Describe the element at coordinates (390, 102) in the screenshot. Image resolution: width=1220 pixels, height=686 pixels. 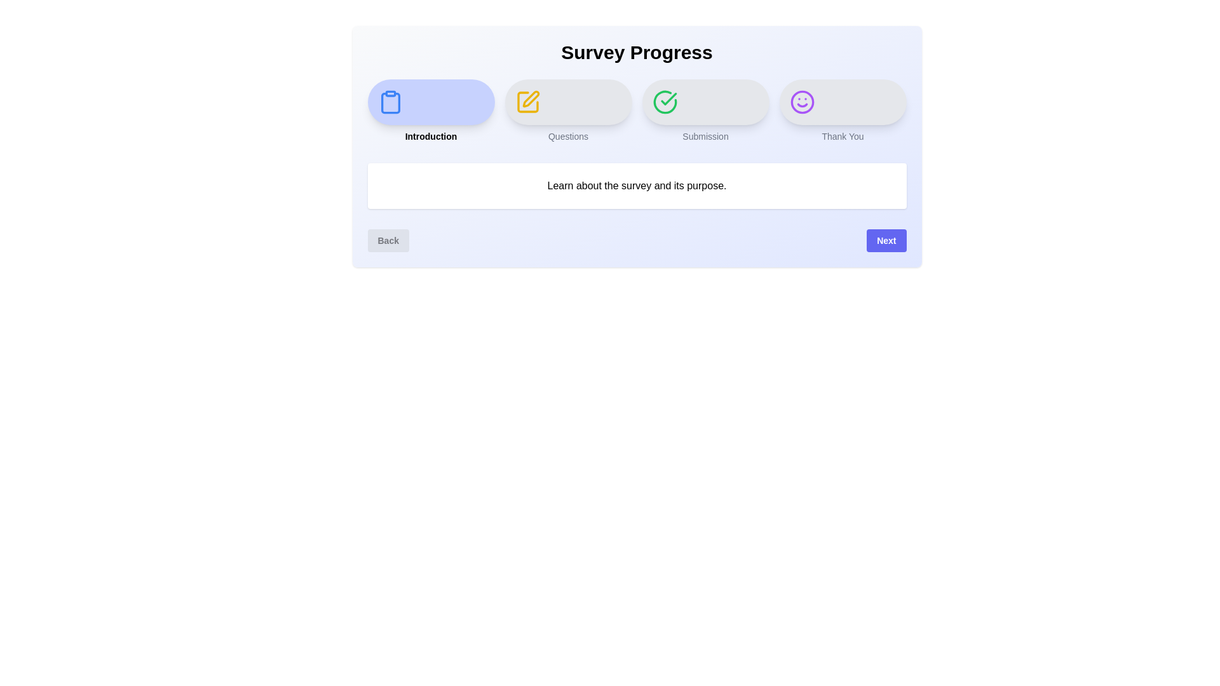
I see `the icon representing the Introduction step to inspect its appearance` at that location.